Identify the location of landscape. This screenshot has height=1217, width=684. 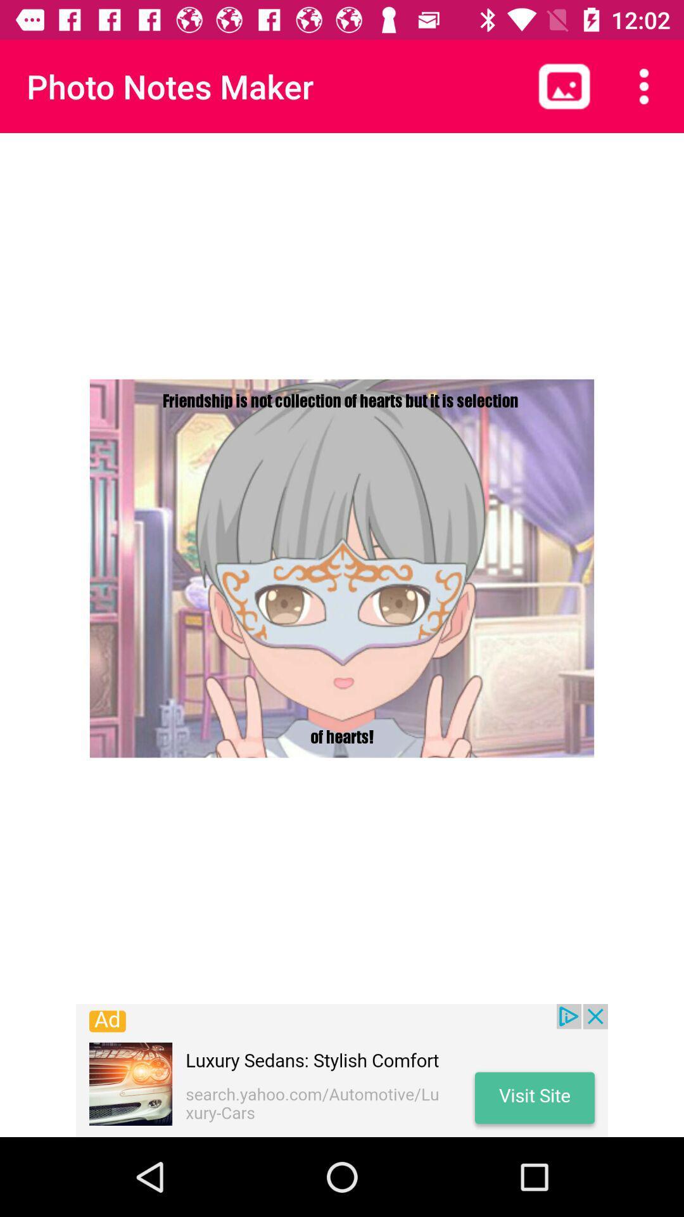
(564, 86).